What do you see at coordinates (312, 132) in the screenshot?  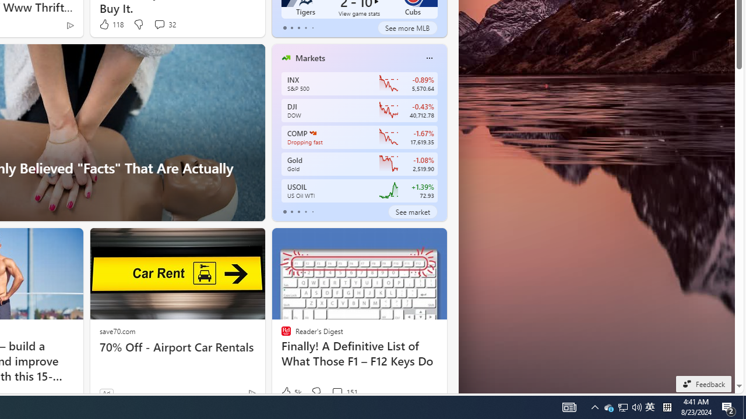 I see `'NASDAQ'` at bounding box center [312, 132].